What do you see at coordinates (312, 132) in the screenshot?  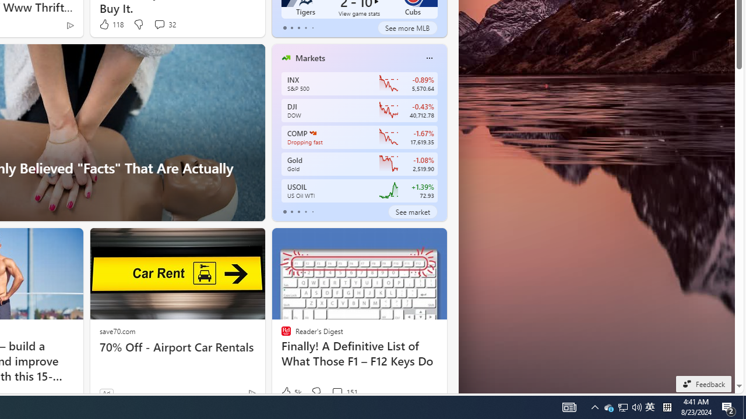 I see `'NASDAQ'` at bounding box center [312, 132].